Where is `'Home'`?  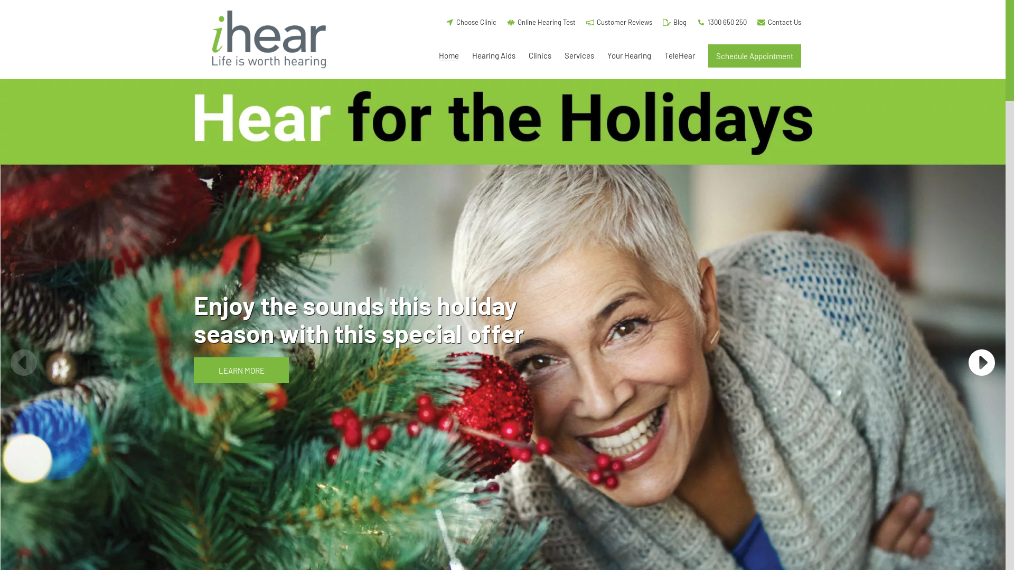 'Home' is located at coordinates (438, 55).